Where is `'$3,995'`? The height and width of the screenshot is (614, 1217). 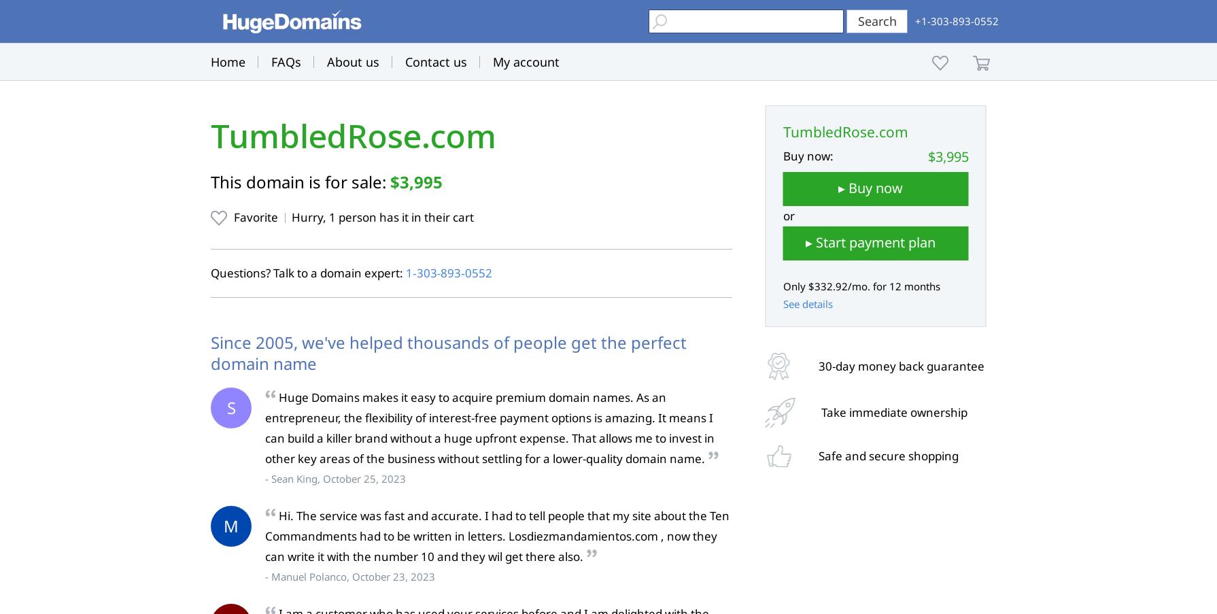
'$3,995' is located at coordinates (415, 181).